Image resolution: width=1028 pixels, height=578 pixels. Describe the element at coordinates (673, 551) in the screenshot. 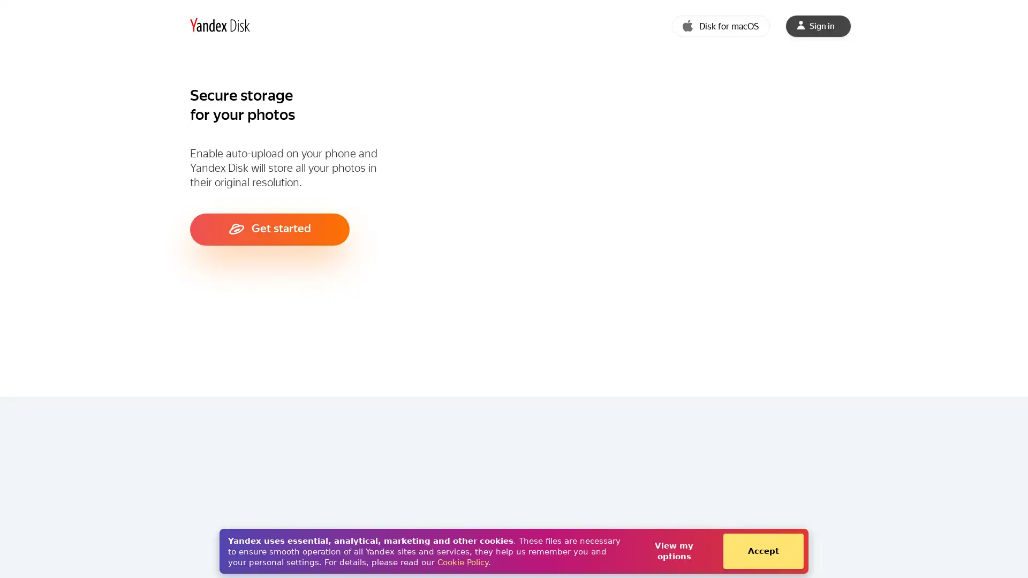

I see `View my options` at that location.